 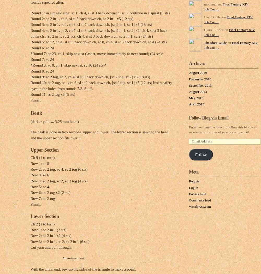 I want to click on 'Round 9: sc 2 tog, sc 2, ch 4, sl st 3 back down ch, [sc 2 tog, sc 2] x5 (18 sts)', so click(x=90, y=77).